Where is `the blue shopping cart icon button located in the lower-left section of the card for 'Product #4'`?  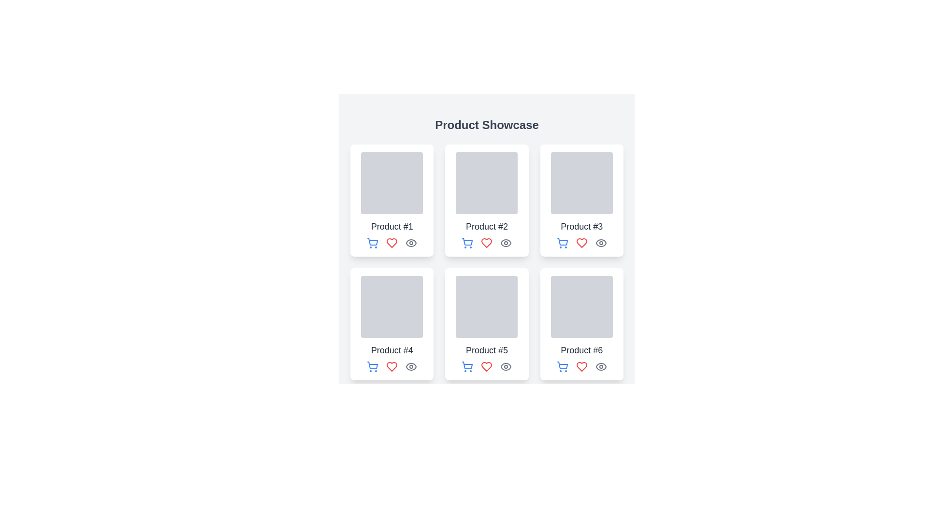
the blue shopping cart icon button located in the lower-left section of the card for 'Product #4' is located at coordinates (372, 367).